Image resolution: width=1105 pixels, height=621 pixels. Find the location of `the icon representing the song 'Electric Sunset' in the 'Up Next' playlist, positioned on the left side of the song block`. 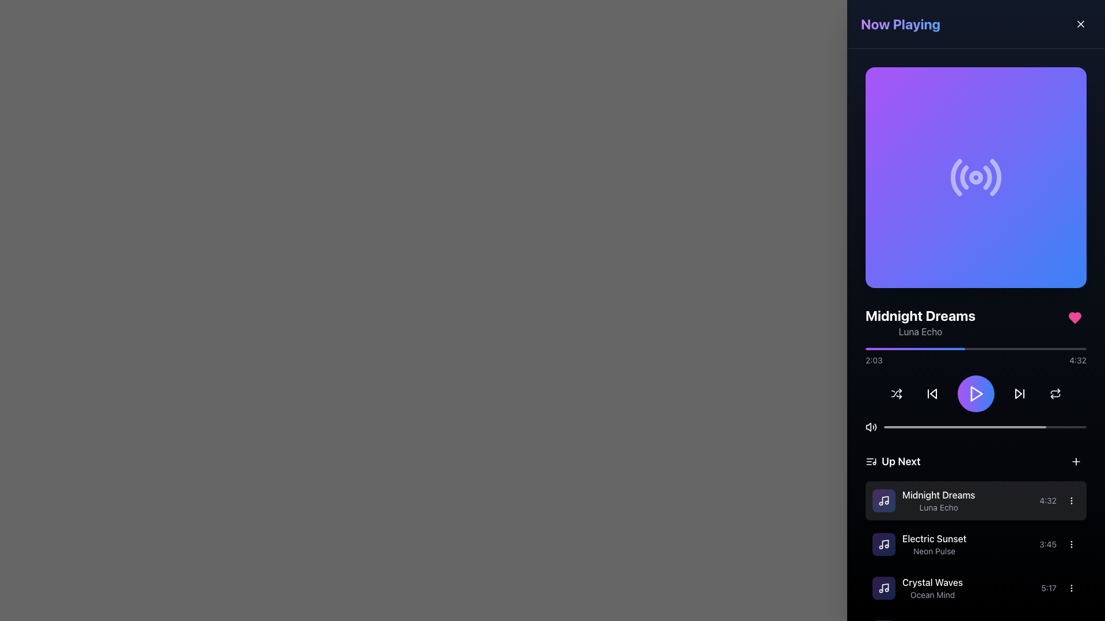

the icon representing the song 'Electric Sunset' in the 'Up Next' playlist, positioned on the left side of the song block is located at coordinates (883, 544).